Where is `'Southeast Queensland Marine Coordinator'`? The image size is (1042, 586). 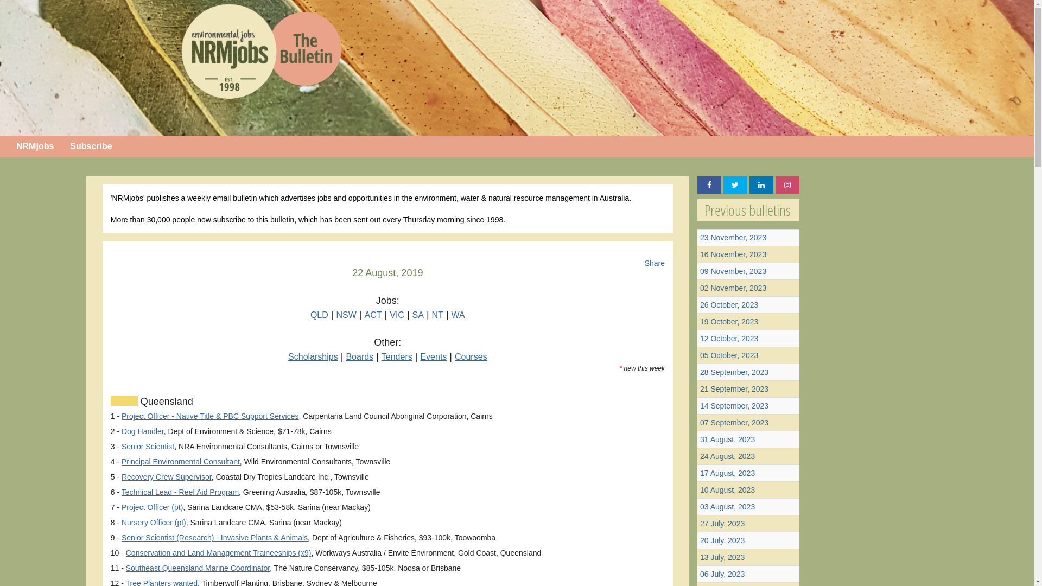 'Southeast Queensland Marine Coordinator' is located at coordinates (198, 567).